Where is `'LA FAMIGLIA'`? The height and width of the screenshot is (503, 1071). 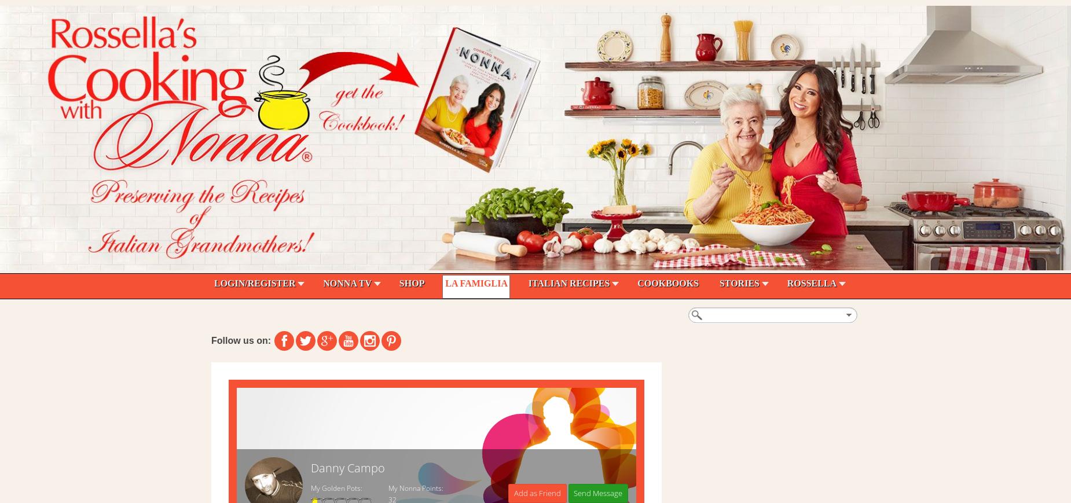
'LA FAMIGLIA' is located at coordinates (476, 283).